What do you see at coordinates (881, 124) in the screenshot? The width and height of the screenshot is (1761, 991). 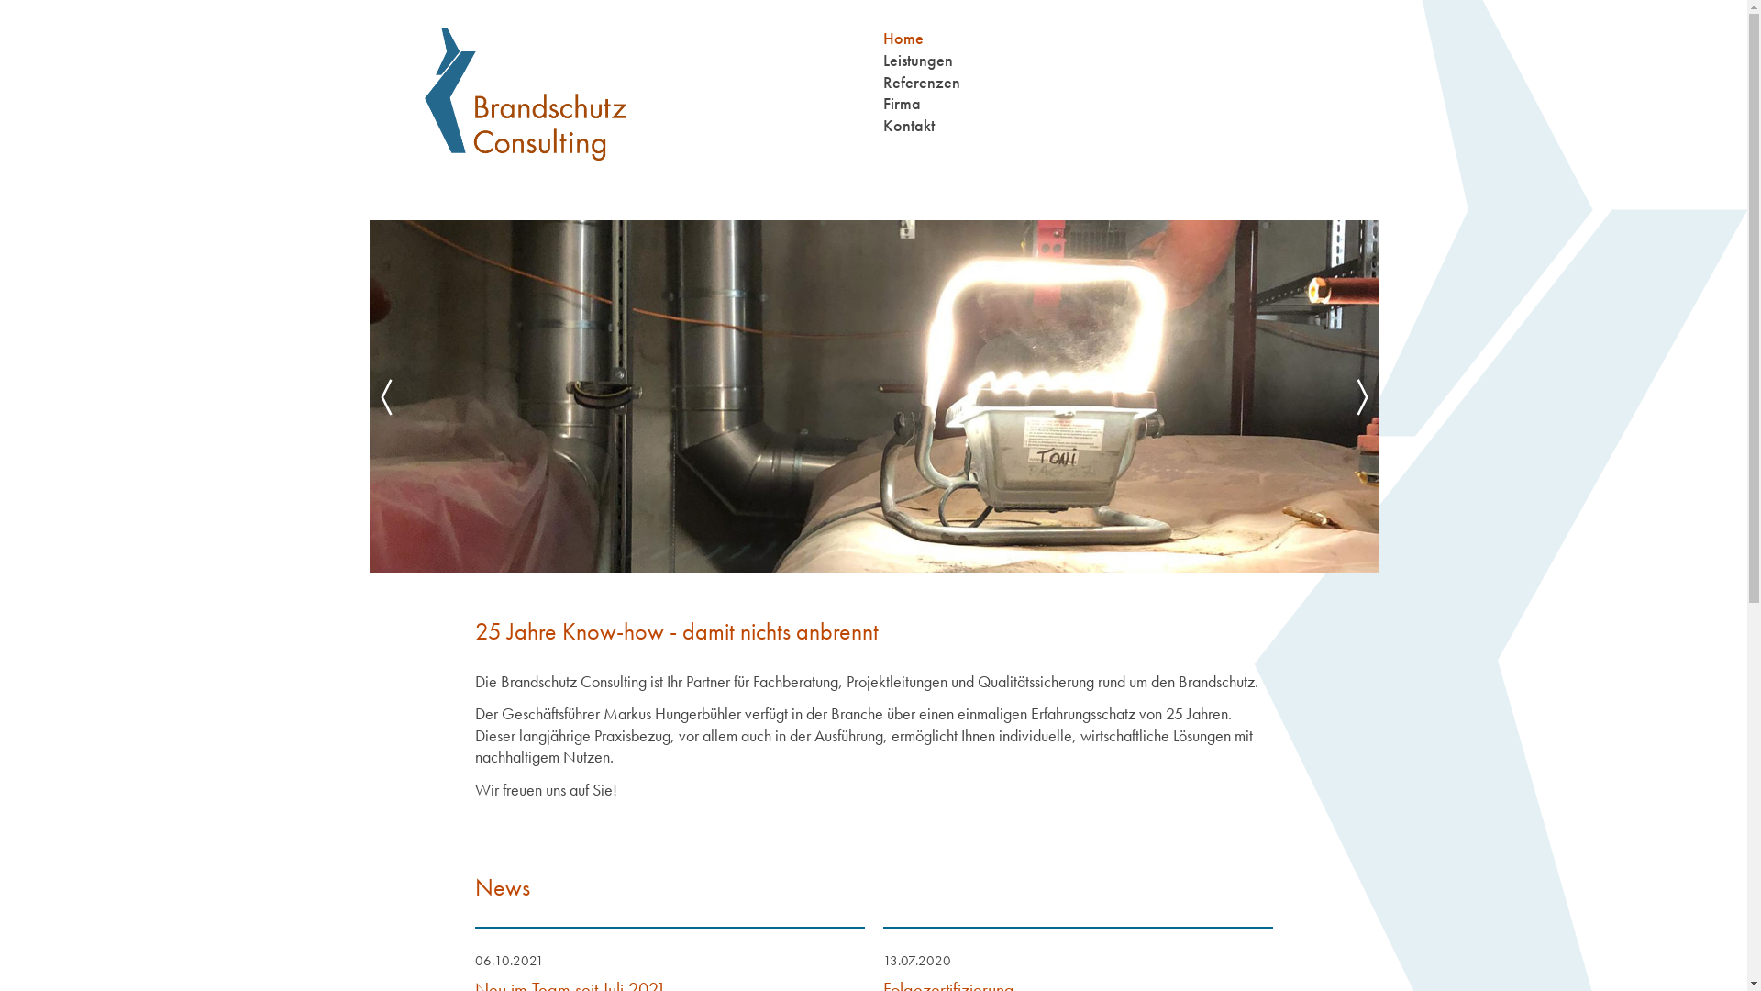 I see `'Kontakt'` at bounding box center [881, 124].